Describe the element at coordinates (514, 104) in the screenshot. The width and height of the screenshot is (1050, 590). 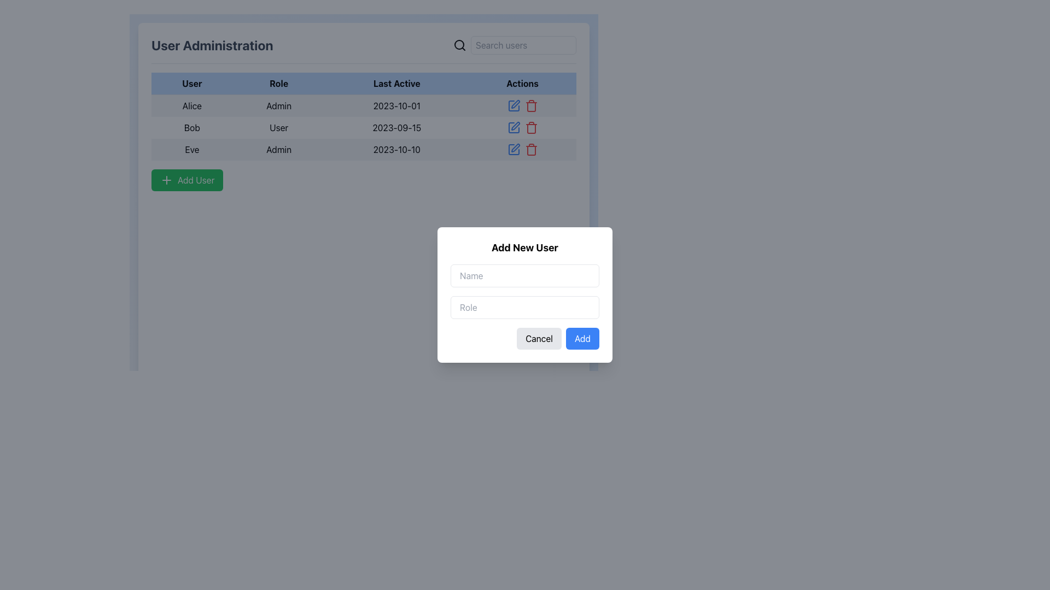
I see `the Icon button in the Actions column corresponding to the entry for 'Alice' to initiate editing actions` at that location.